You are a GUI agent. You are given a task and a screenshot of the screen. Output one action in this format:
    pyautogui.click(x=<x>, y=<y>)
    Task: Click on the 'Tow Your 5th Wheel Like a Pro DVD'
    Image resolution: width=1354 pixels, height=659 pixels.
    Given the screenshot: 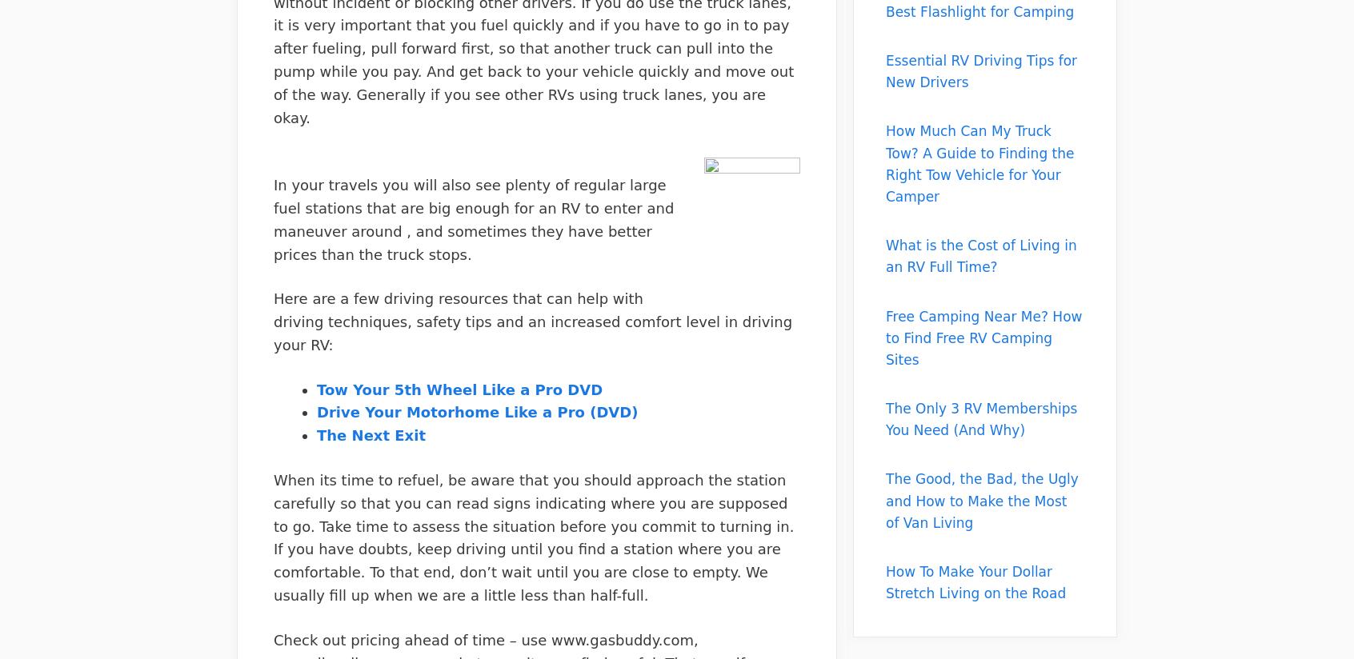 What is the action you would take?
    pyautogui.click(x=459, y=388)
    